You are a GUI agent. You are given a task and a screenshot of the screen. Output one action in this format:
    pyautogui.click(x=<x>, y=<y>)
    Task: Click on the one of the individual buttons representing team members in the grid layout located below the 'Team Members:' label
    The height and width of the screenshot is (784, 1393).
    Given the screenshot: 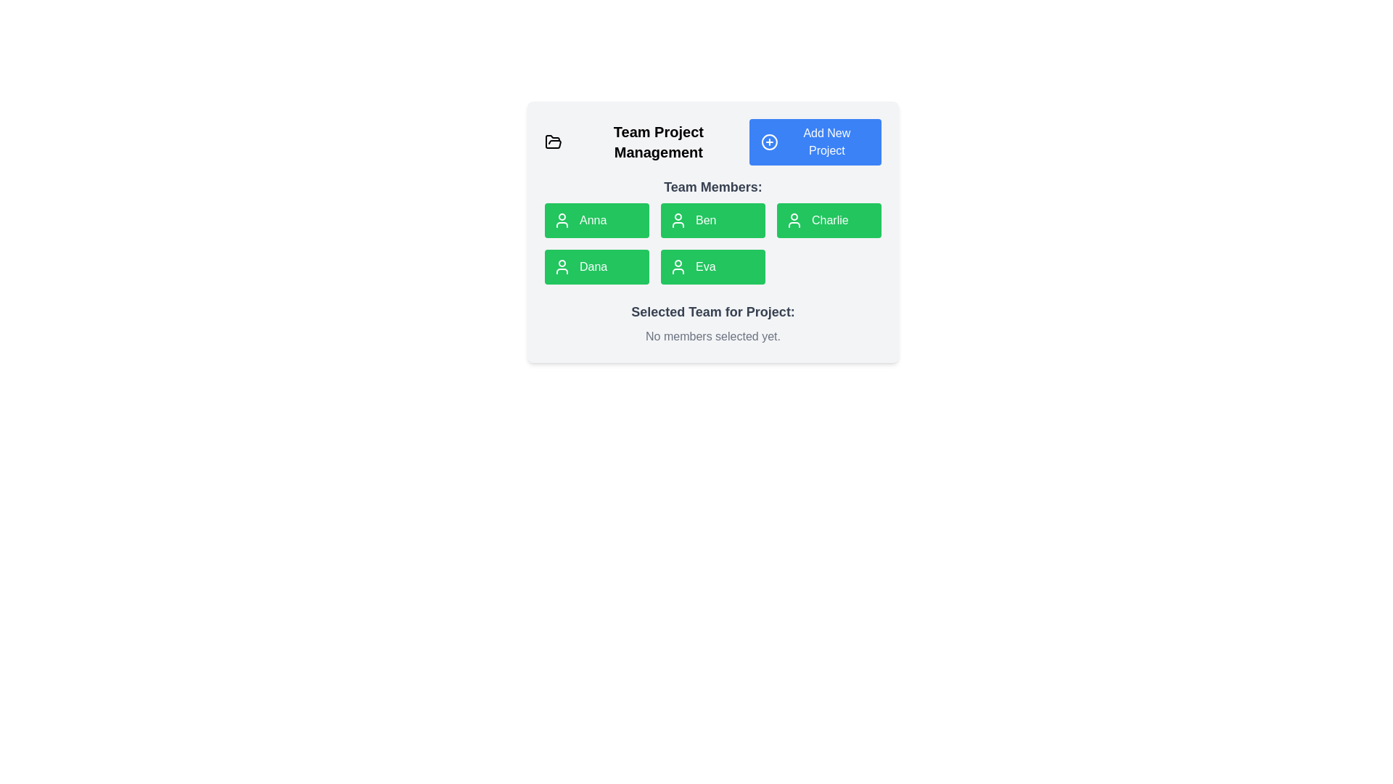 What is the action you would take?
    pyautogui.click(x=713, y=242)
    